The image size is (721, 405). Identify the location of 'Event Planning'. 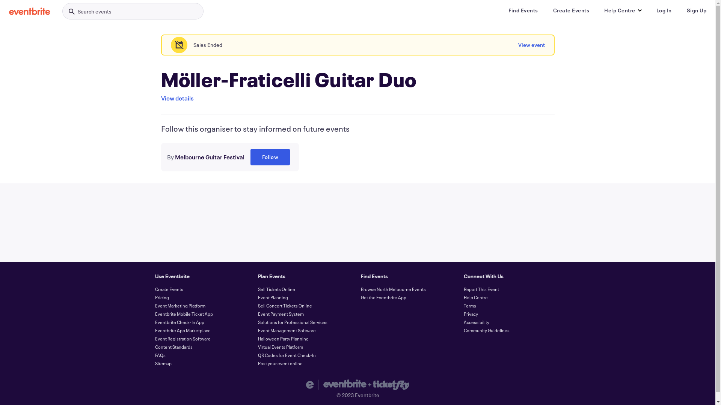
(272, 297).